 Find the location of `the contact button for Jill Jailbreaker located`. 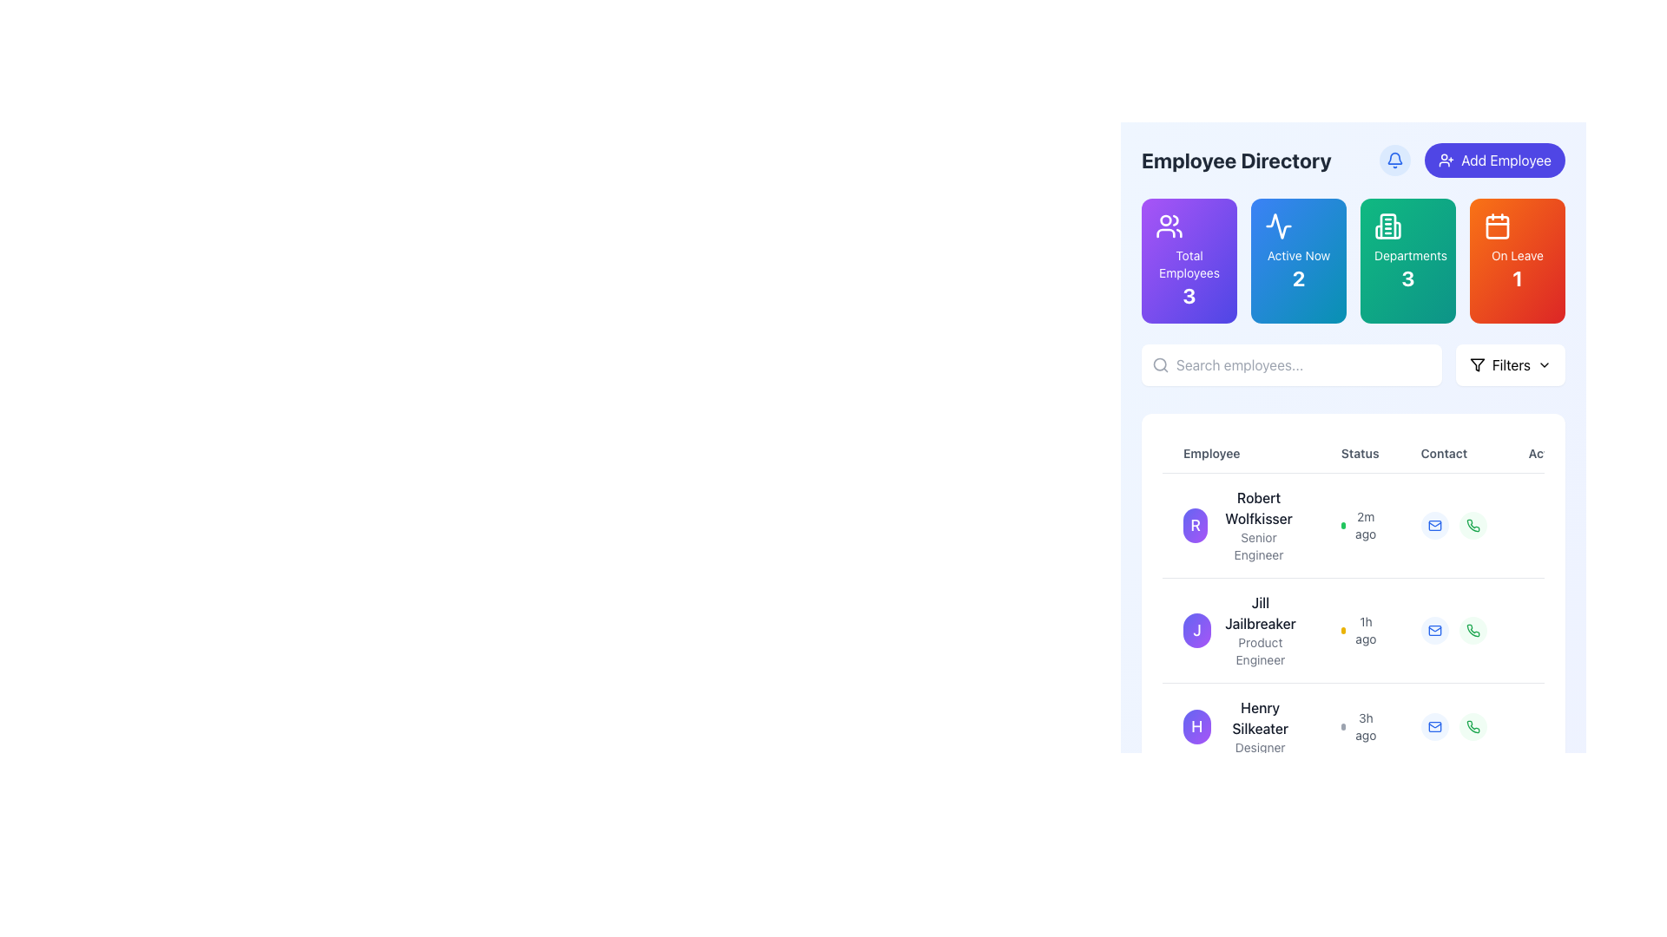

the contact button for Jill Jailbreaker located is located at coordinates (1433, 630).